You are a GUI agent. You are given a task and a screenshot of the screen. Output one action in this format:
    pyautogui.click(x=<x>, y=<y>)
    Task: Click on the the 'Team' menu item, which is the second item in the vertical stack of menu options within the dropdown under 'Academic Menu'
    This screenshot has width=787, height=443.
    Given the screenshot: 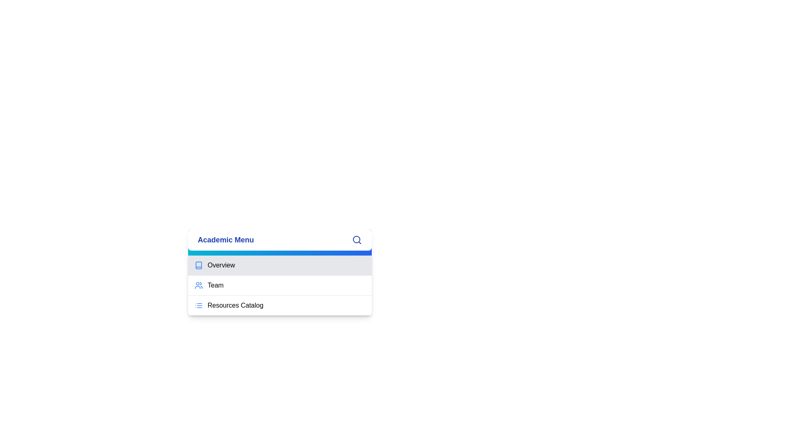 What is the action you would take?
    pyautogui.click(x=280, y=285)
    